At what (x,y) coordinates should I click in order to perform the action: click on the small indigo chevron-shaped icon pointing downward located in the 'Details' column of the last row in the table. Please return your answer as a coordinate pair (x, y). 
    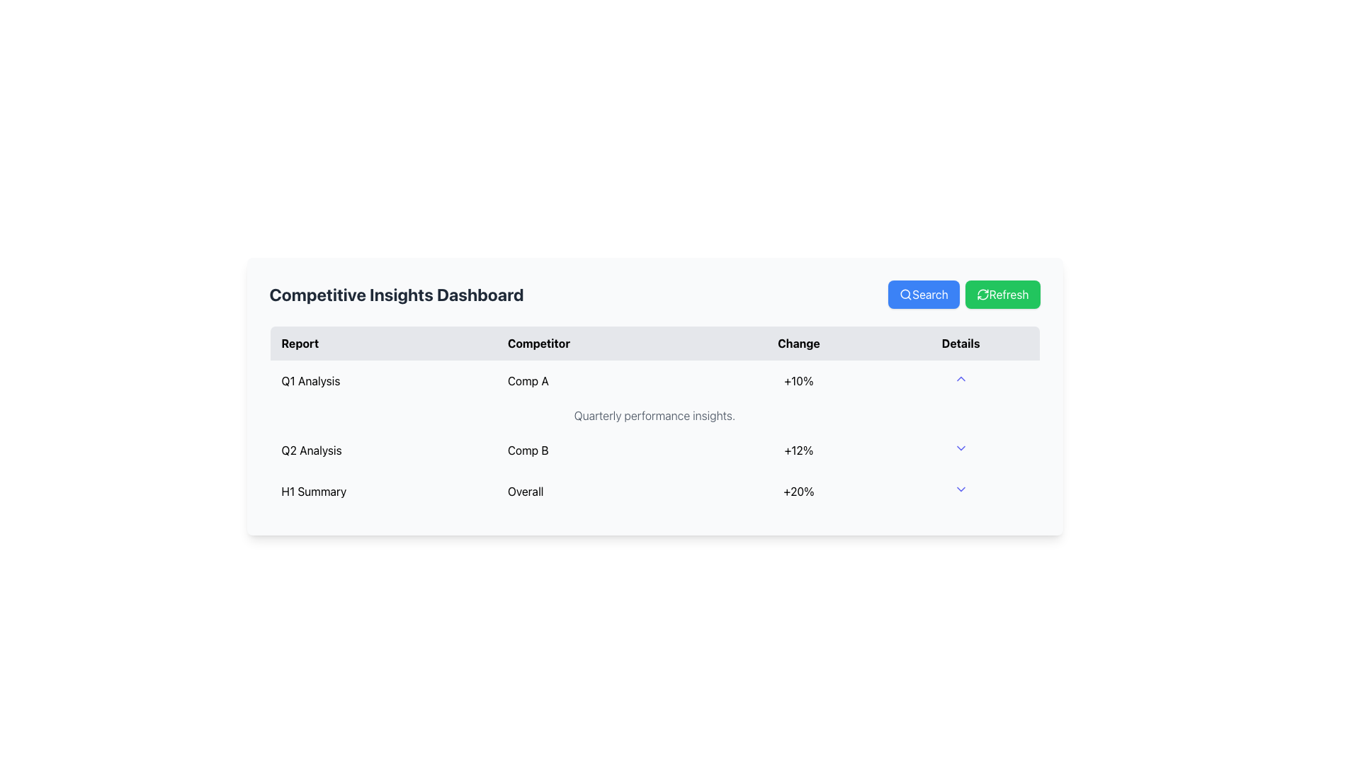
    Looking at the image, I should click on (960, 488).